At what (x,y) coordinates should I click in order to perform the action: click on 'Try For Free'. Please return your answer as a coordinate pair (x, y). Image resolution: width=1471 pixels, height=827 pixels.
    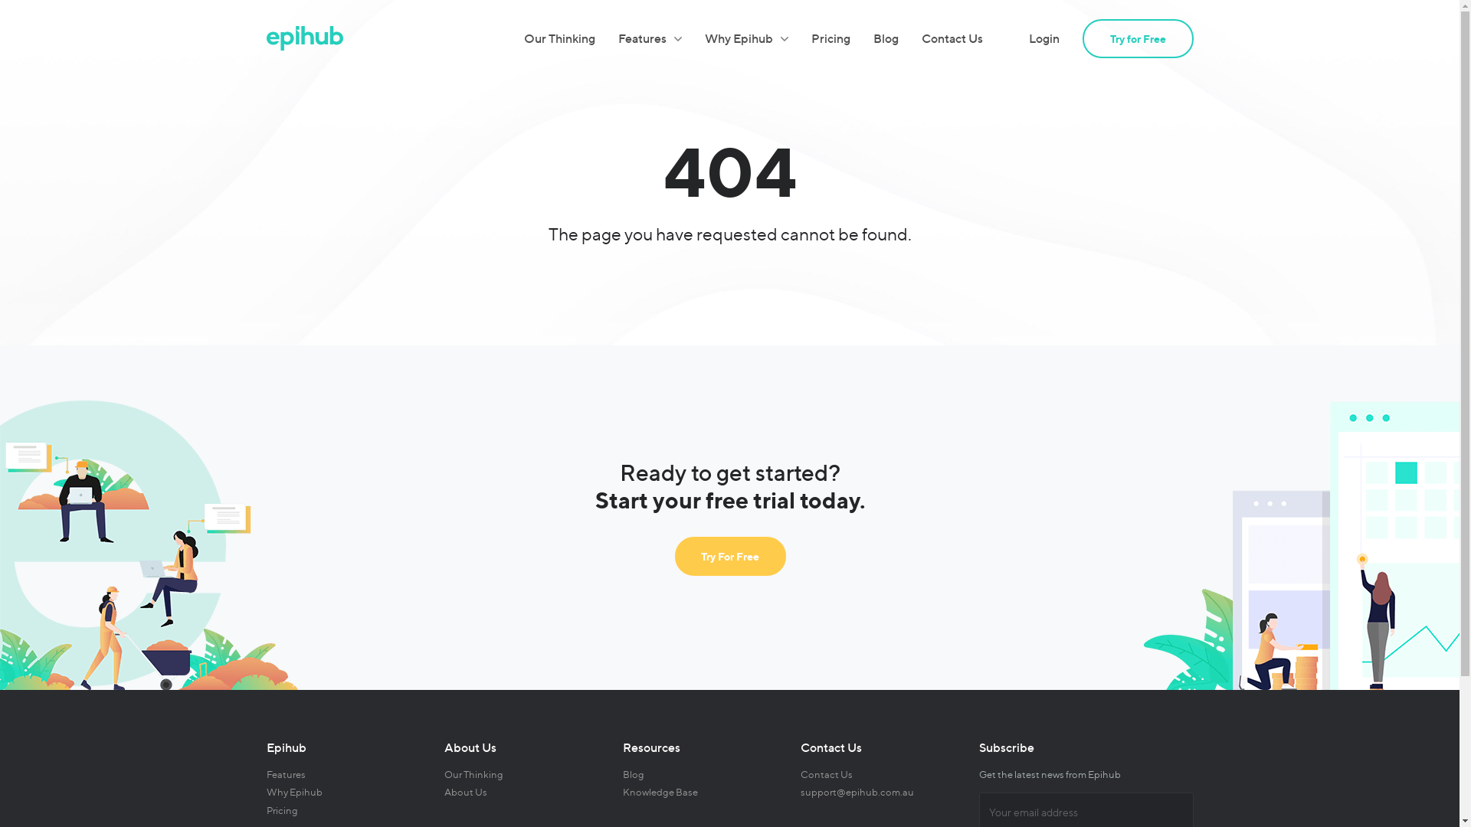
    Looking at the image, I should click on (729, 556).